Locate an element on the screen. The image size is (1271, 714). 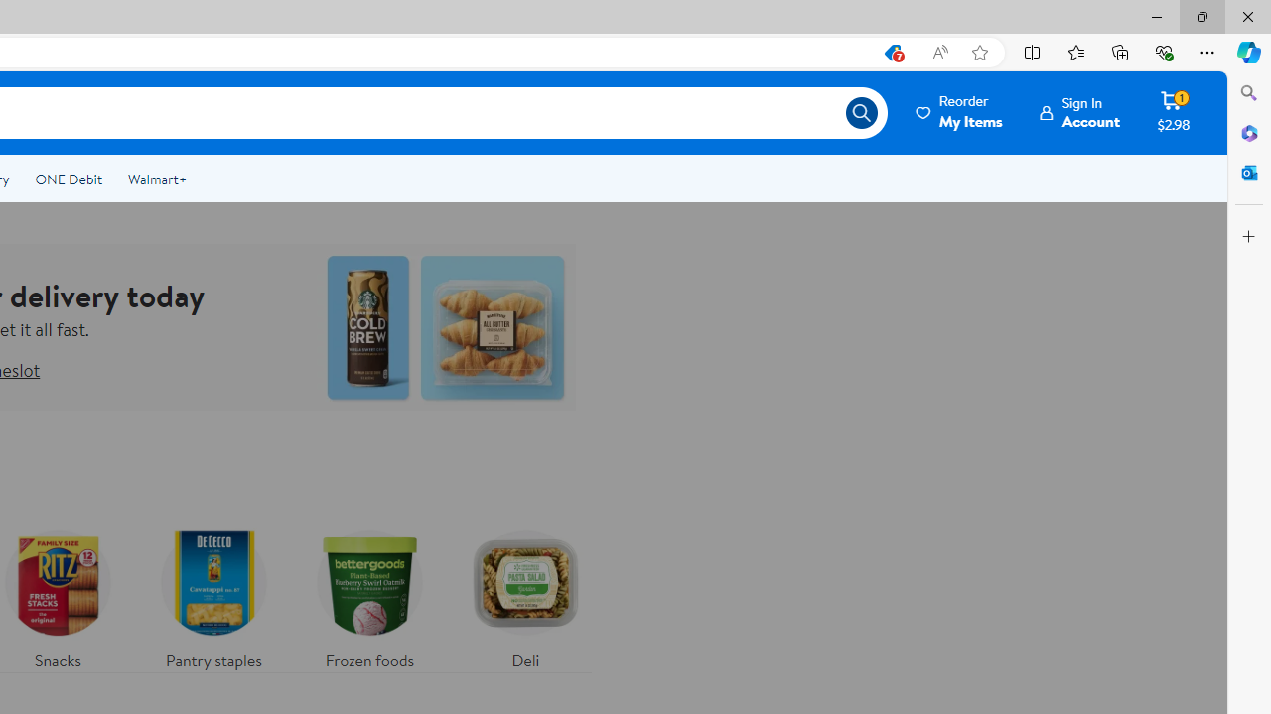
'Sign InAccount' is located at coordinates (1079, 112).